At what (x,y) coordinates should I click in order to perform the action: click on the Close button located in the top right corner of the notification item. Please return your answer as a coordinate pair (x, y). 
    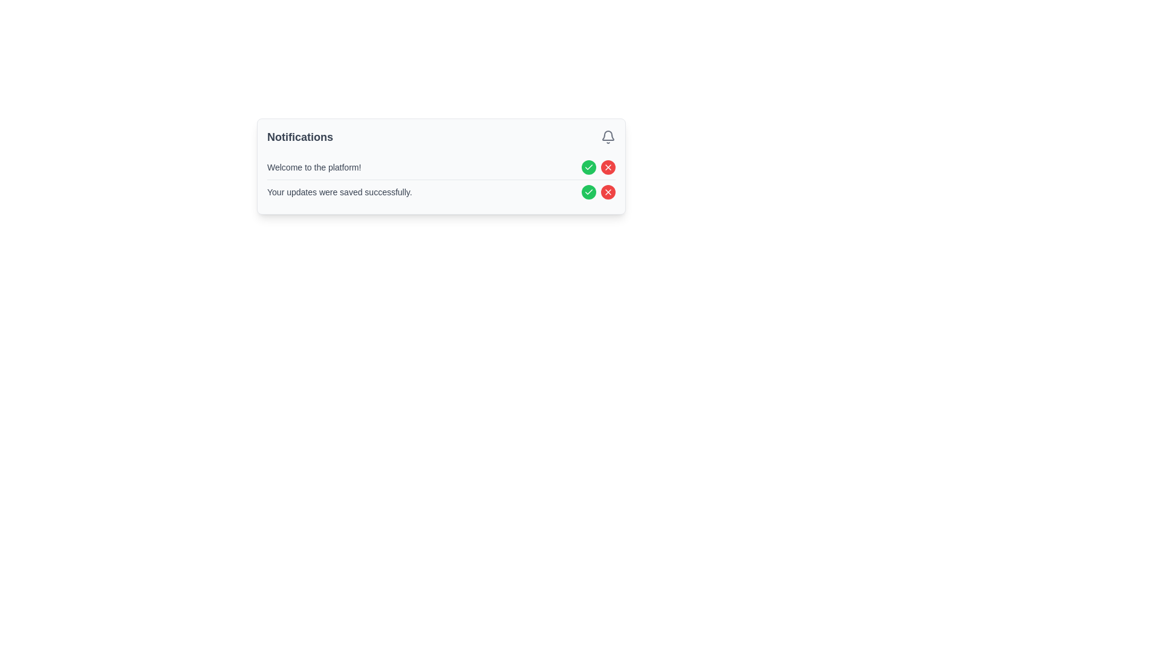
    Looking at the image, I should click on (608, 167).